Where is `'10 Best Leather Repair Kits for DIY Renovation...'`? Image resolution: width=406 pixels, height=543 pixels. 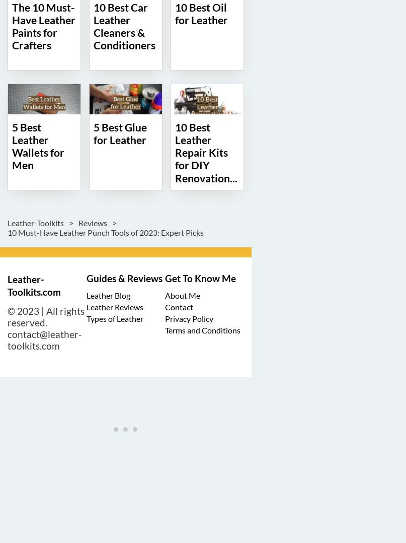
'10 Best Leather Repair Kits for DIY Renovation...' is located at coordinates (206, 152).